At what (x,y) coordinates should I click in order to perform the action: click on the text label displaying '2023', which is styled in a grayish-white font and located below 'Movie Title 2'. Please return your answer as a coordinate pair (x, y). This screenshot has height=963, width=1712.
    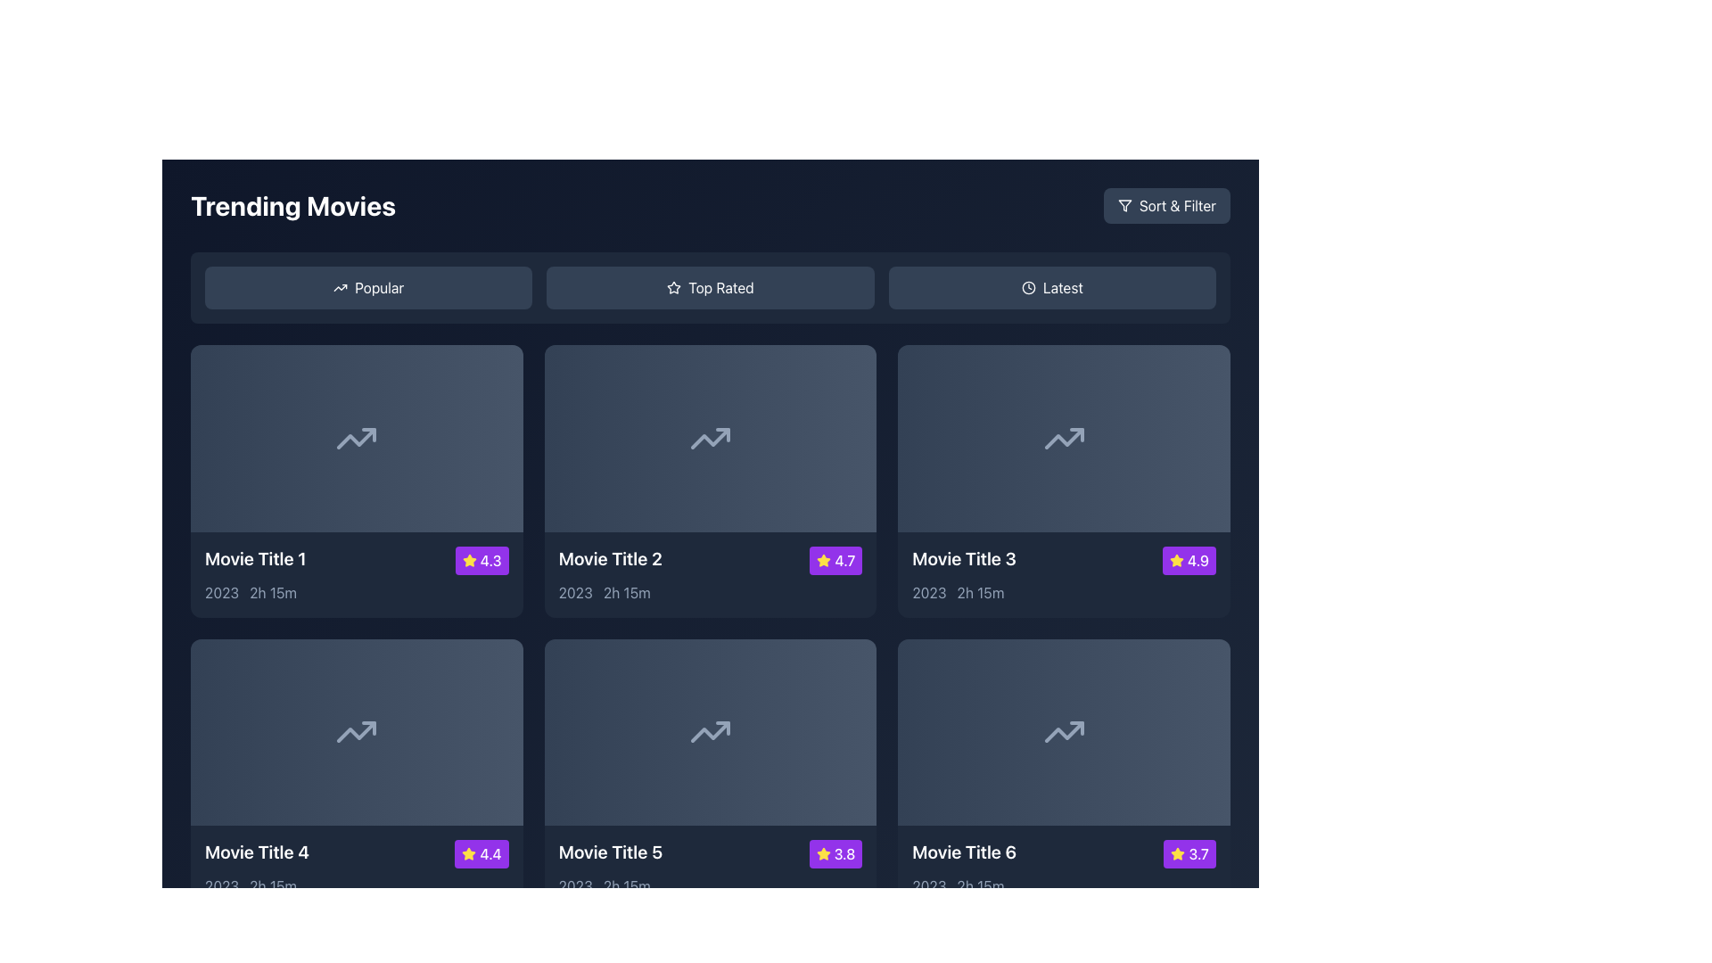
    Looking at the image, I should click on (575, 592).